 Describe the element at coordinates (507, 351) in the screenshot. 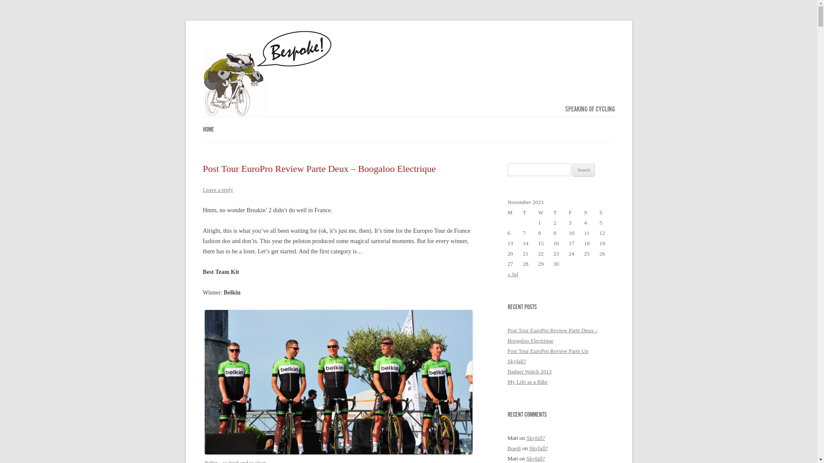

I see `'Post Tour EuroPro Review Parte Un'` at that location.